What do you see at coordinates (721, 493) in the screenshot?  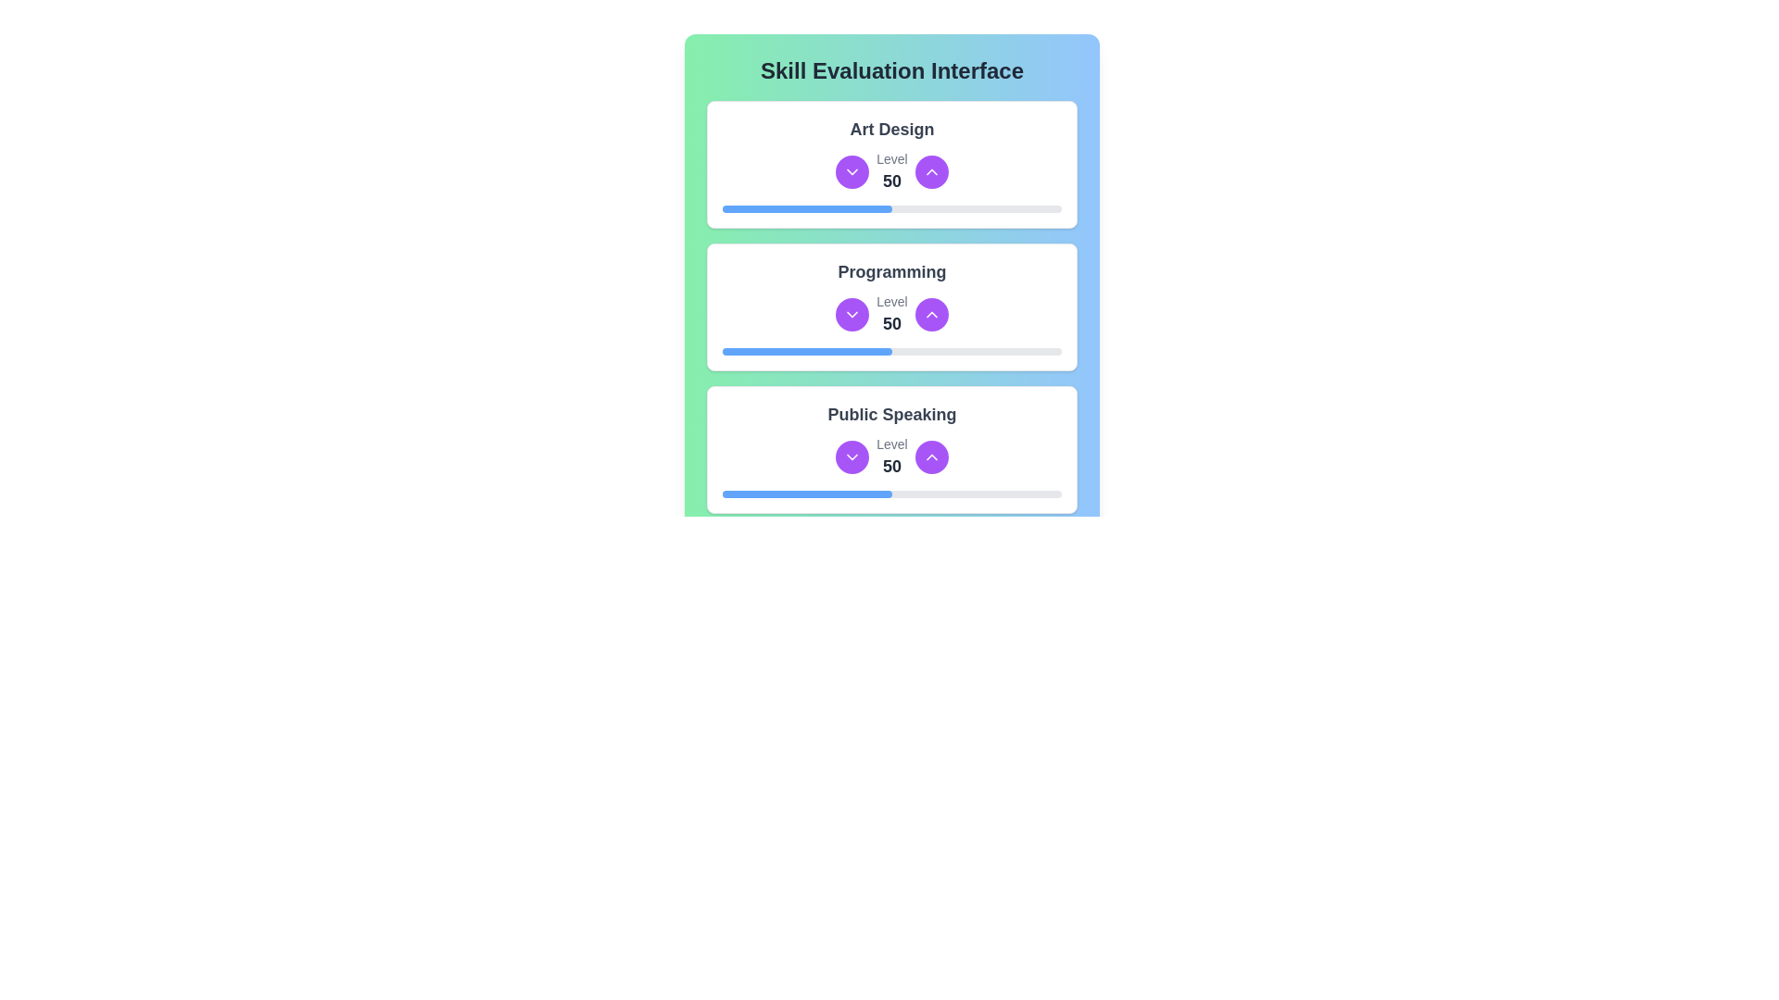 I see `the slider value` at bounding box center [721, 493].